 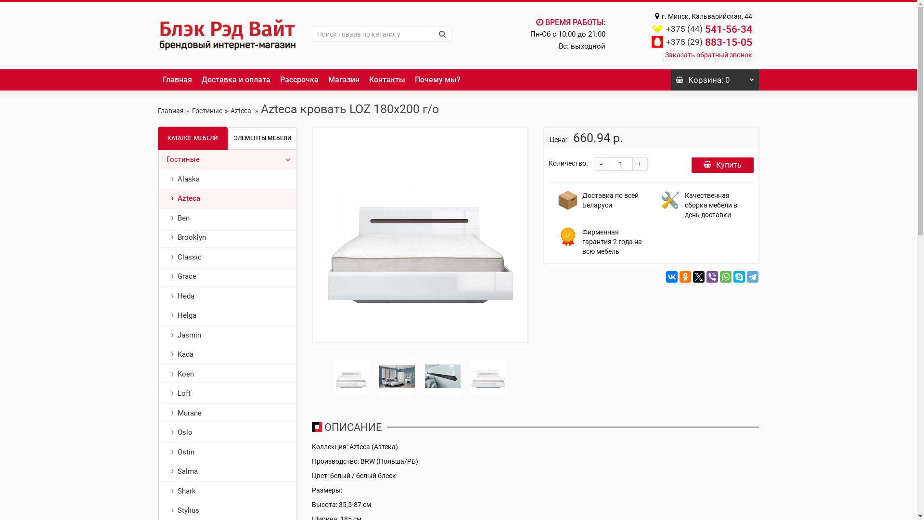 What do you see at coordinates (227, 35) in the screenshot?
I see `'Black Red White'` at bounding box center [227, 35].